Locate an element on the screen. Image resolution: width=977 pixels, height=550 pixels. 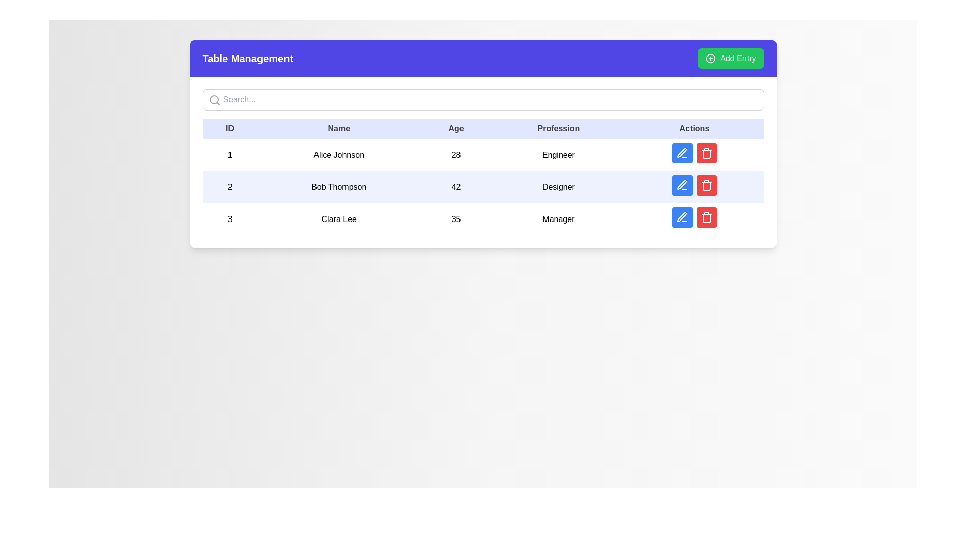
the edit icon button, which is a small white pen icon located within a blue rounded rectangle button in the Actions column of the last row of the data table is located at coordinates (682, 216).